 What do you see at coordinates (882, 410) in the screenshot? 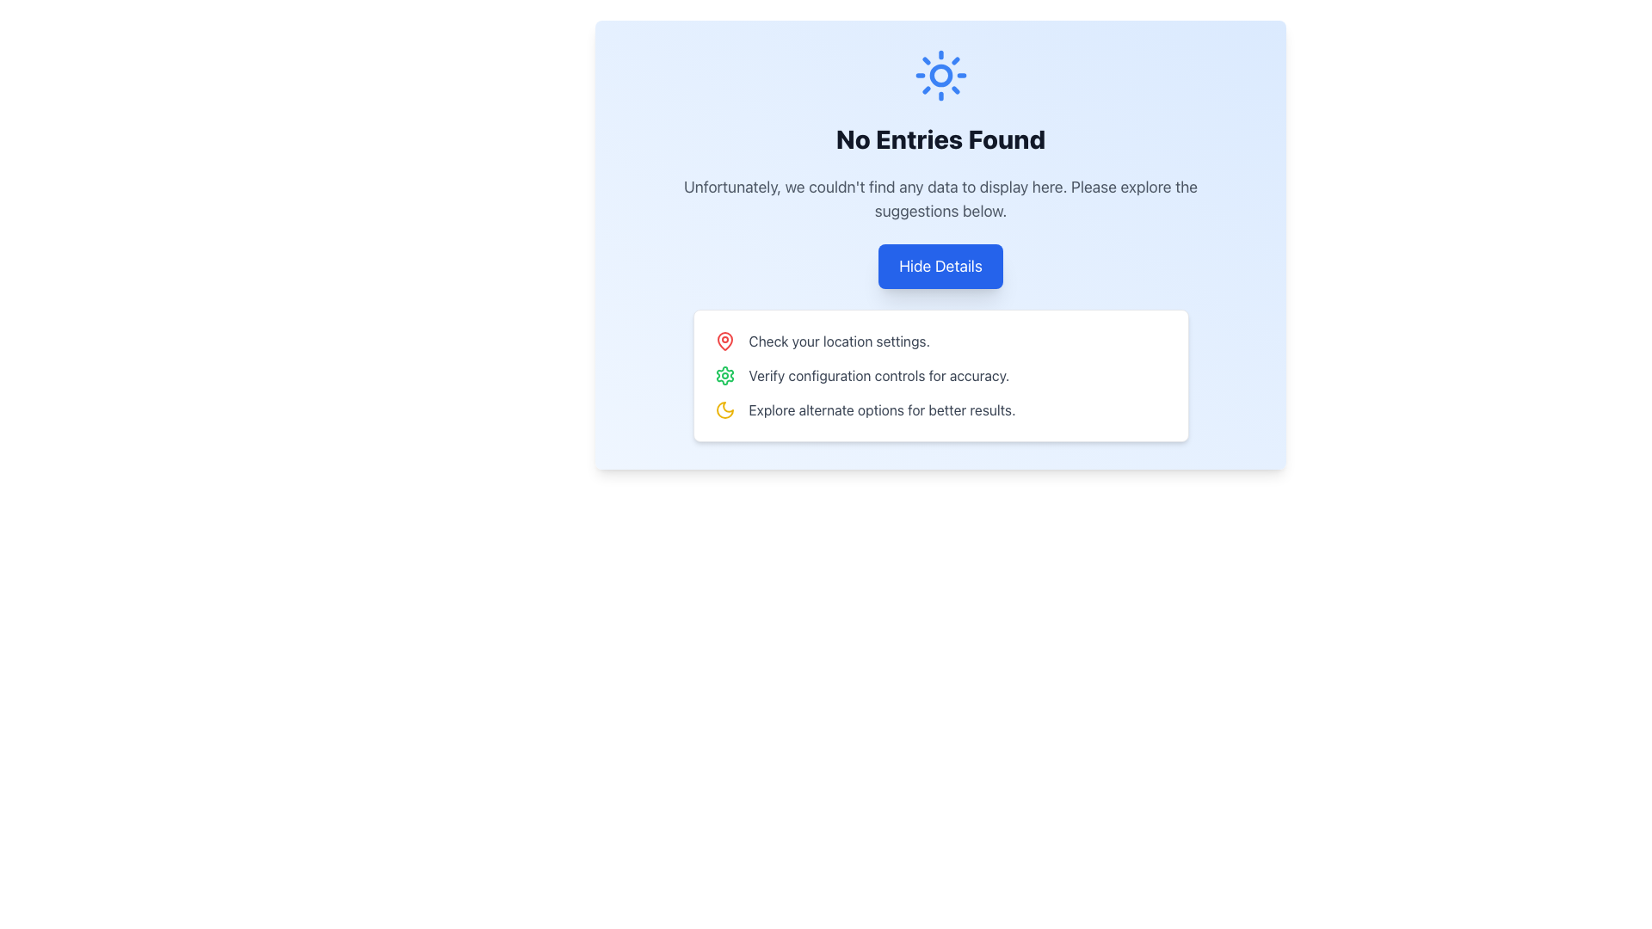
I see `the informational text label located to the right of the moon icon to possibly see further details` at bounding box center [882, 410].